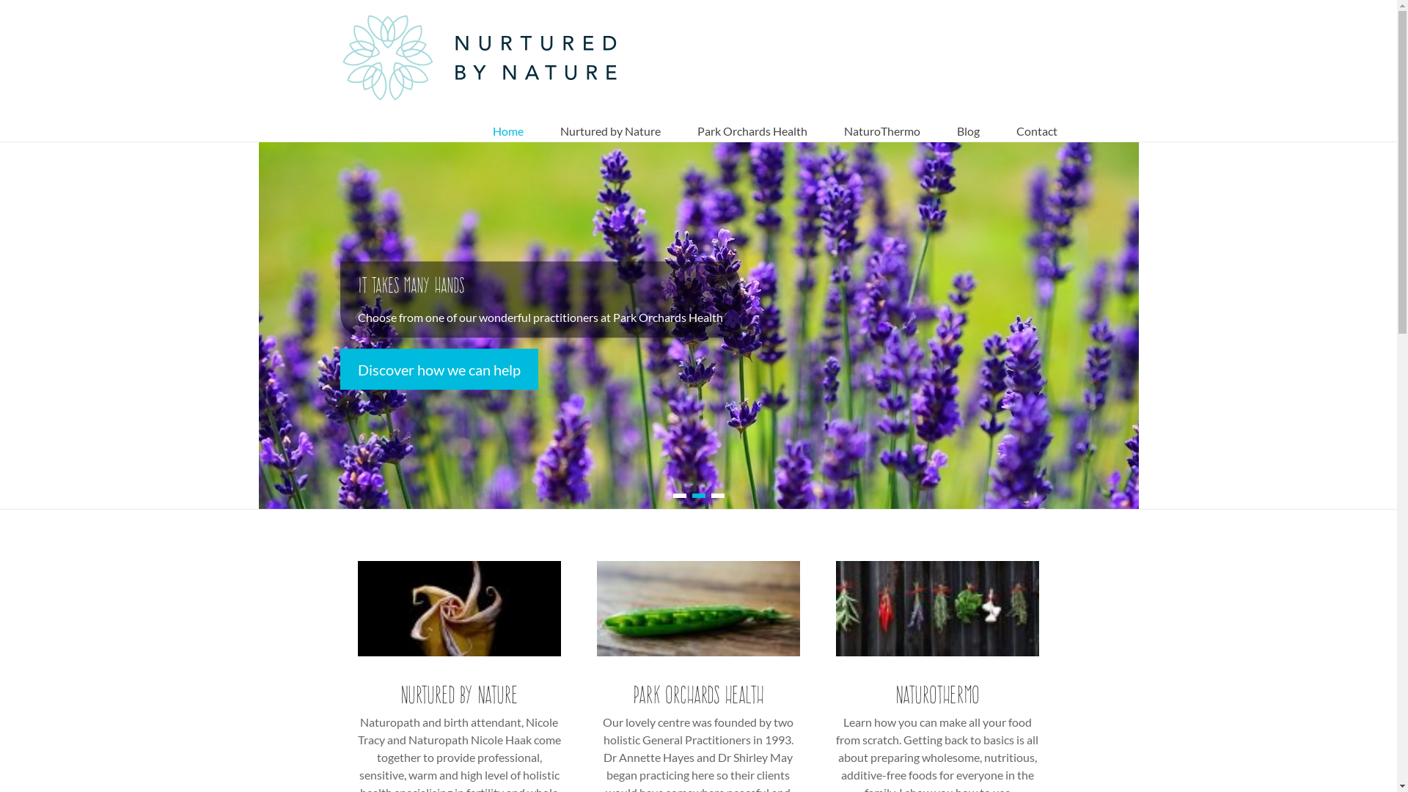  I want to click on 'Blog', so click(956, 118).